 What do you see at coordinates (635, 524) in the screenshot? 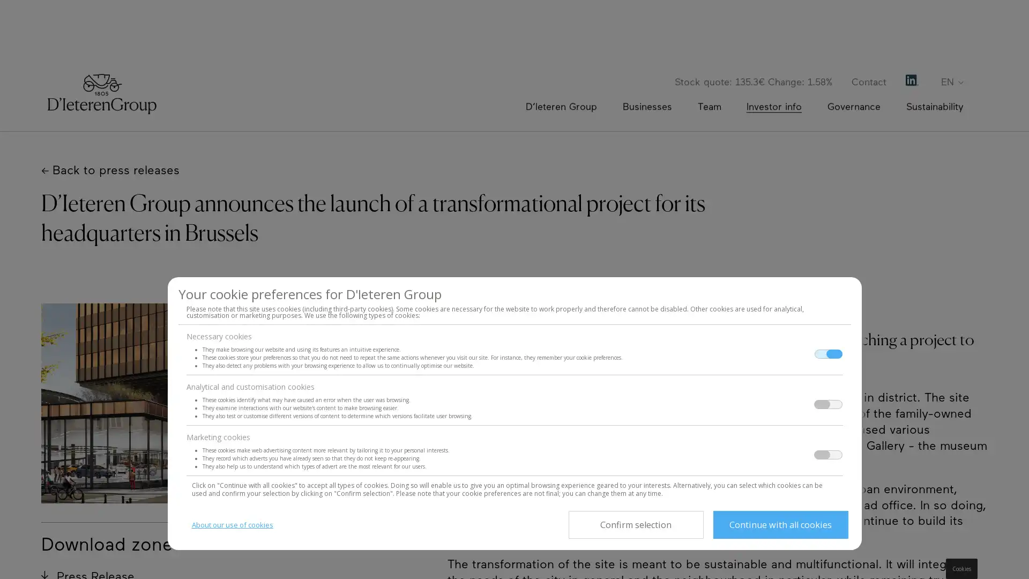
I see `Save Consent Preferences` at bounding box center [635, 524].